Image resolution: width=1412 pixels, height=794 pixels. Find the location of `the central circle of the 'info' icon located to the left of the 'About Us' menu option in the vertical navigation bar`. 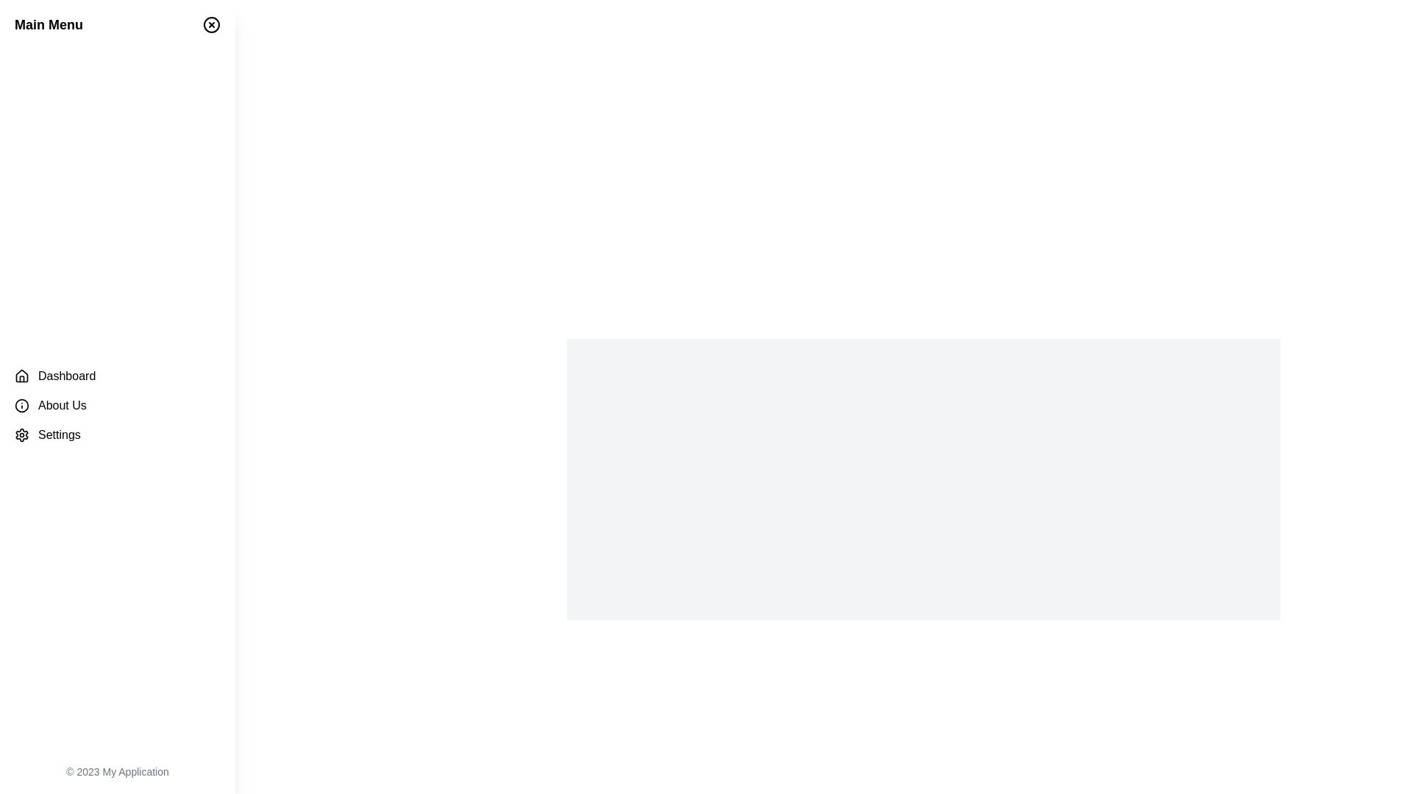

the central circle of the 'info' icon located to the left of the 'About Us' menu option in the vertical navigation bar is located at coordinates (21, 405).